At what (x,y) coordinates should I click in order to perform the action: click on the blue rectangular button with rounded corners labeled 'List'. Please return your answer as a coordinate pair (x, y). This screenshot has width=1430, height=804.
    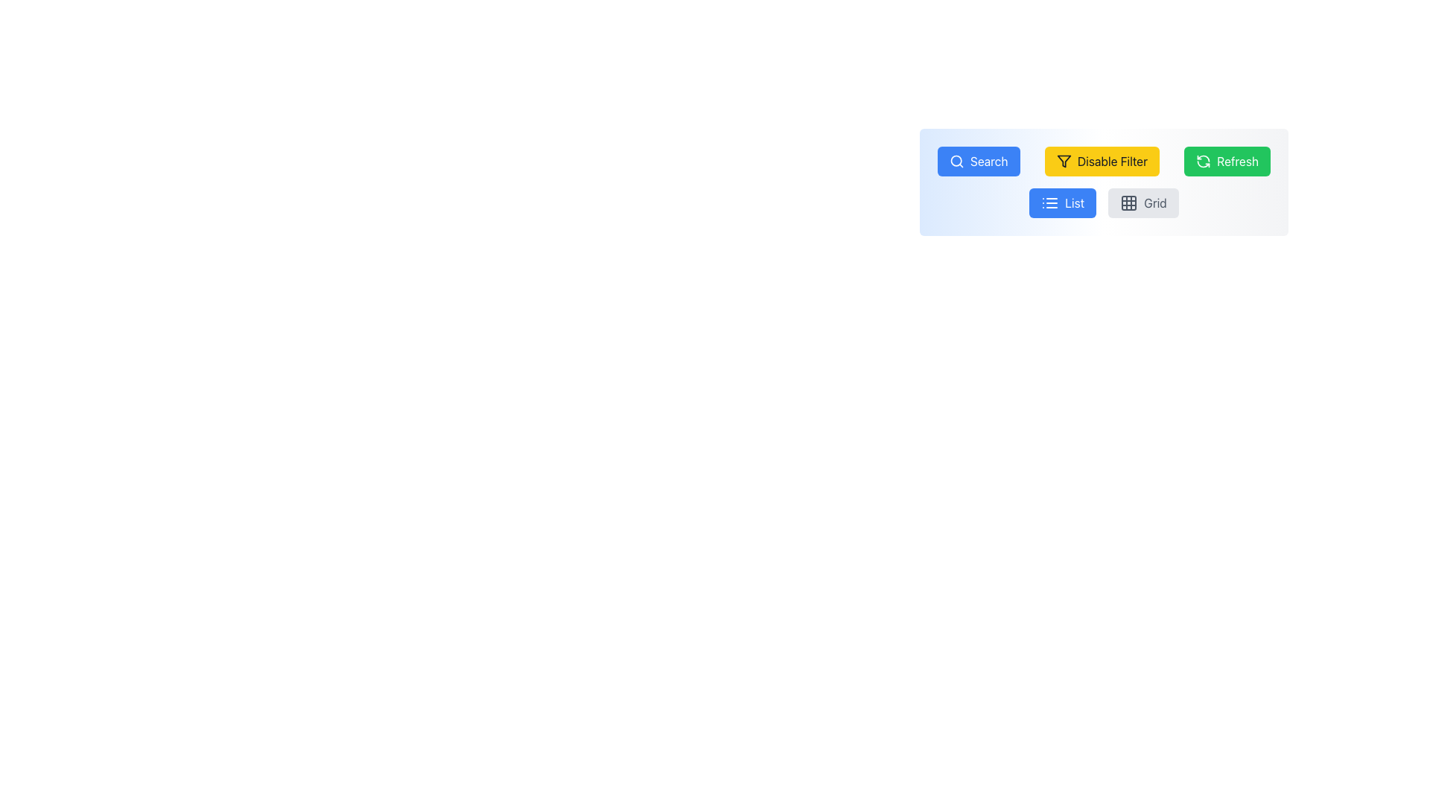
    Looking at the image, I should click on (1062, 203).